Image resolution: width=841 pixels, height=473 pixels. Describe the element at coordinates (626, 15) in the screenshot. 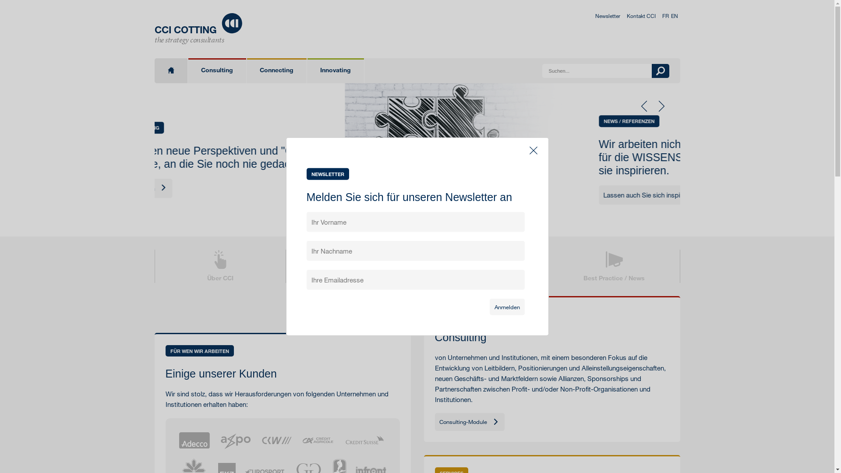

I see `'Kontakt CCI'` at that location.